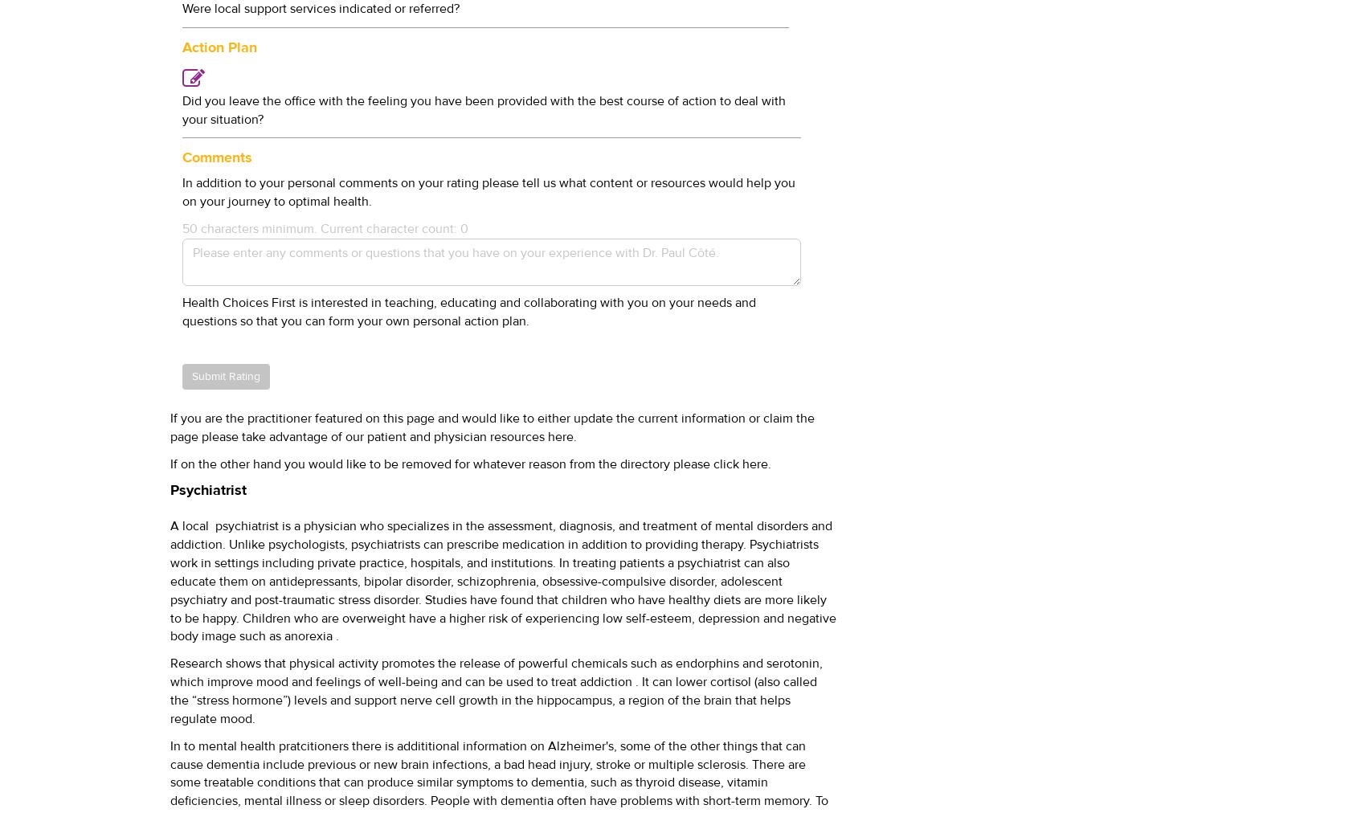  What do you see at coordinates (206, 763) in the screenshot?
I see `'dementia'` at bounding box center [206, 763].